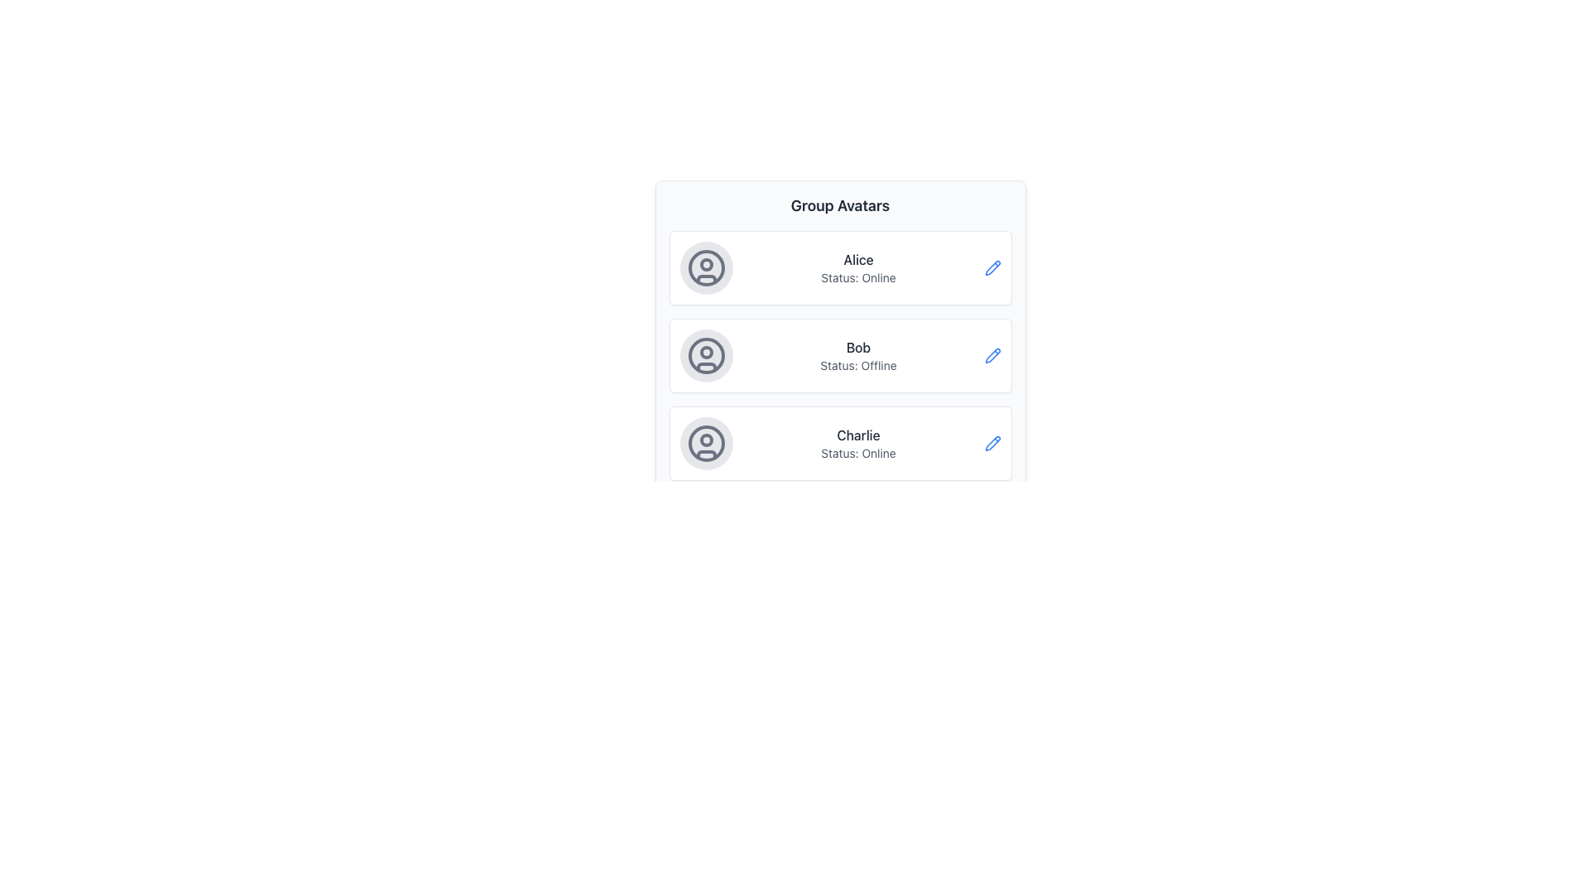  I want to click on the Text Display element containing 'Alice' and 'Status: Online', which is located in the first section of a vertical list, adjacent to an avatar icon and a pencil icon for editing, so click(858, 267).